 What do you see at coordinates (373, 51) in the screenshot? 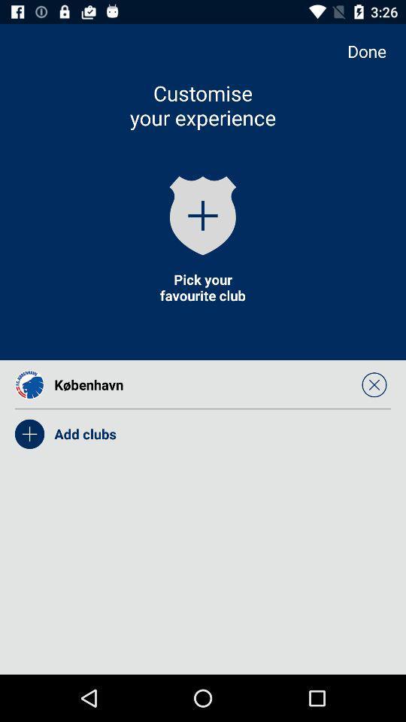
I see `the done app` at bounding box center [373, 51].